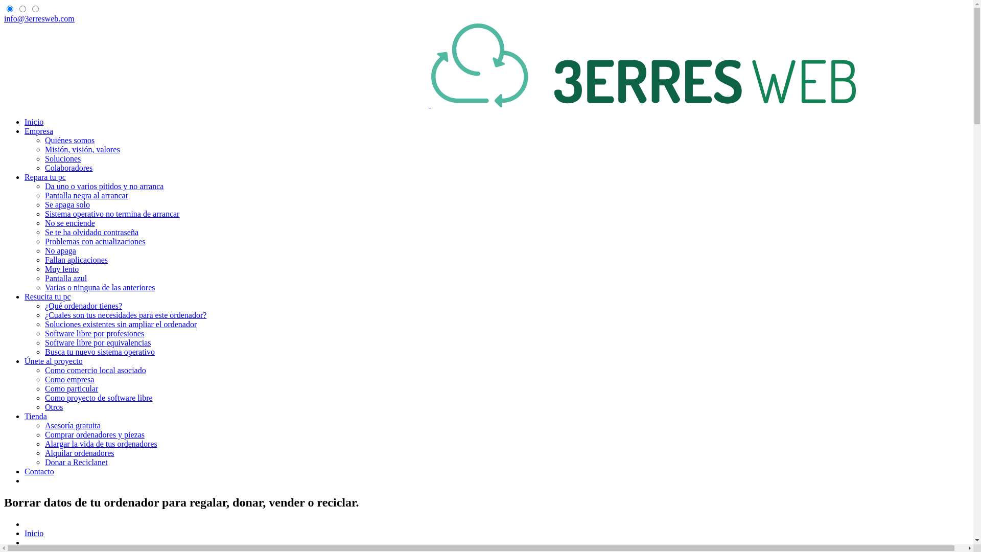  Describe the element at coordinates (61, 268) in the screenshot. I see `'Muy lento'` at that location.